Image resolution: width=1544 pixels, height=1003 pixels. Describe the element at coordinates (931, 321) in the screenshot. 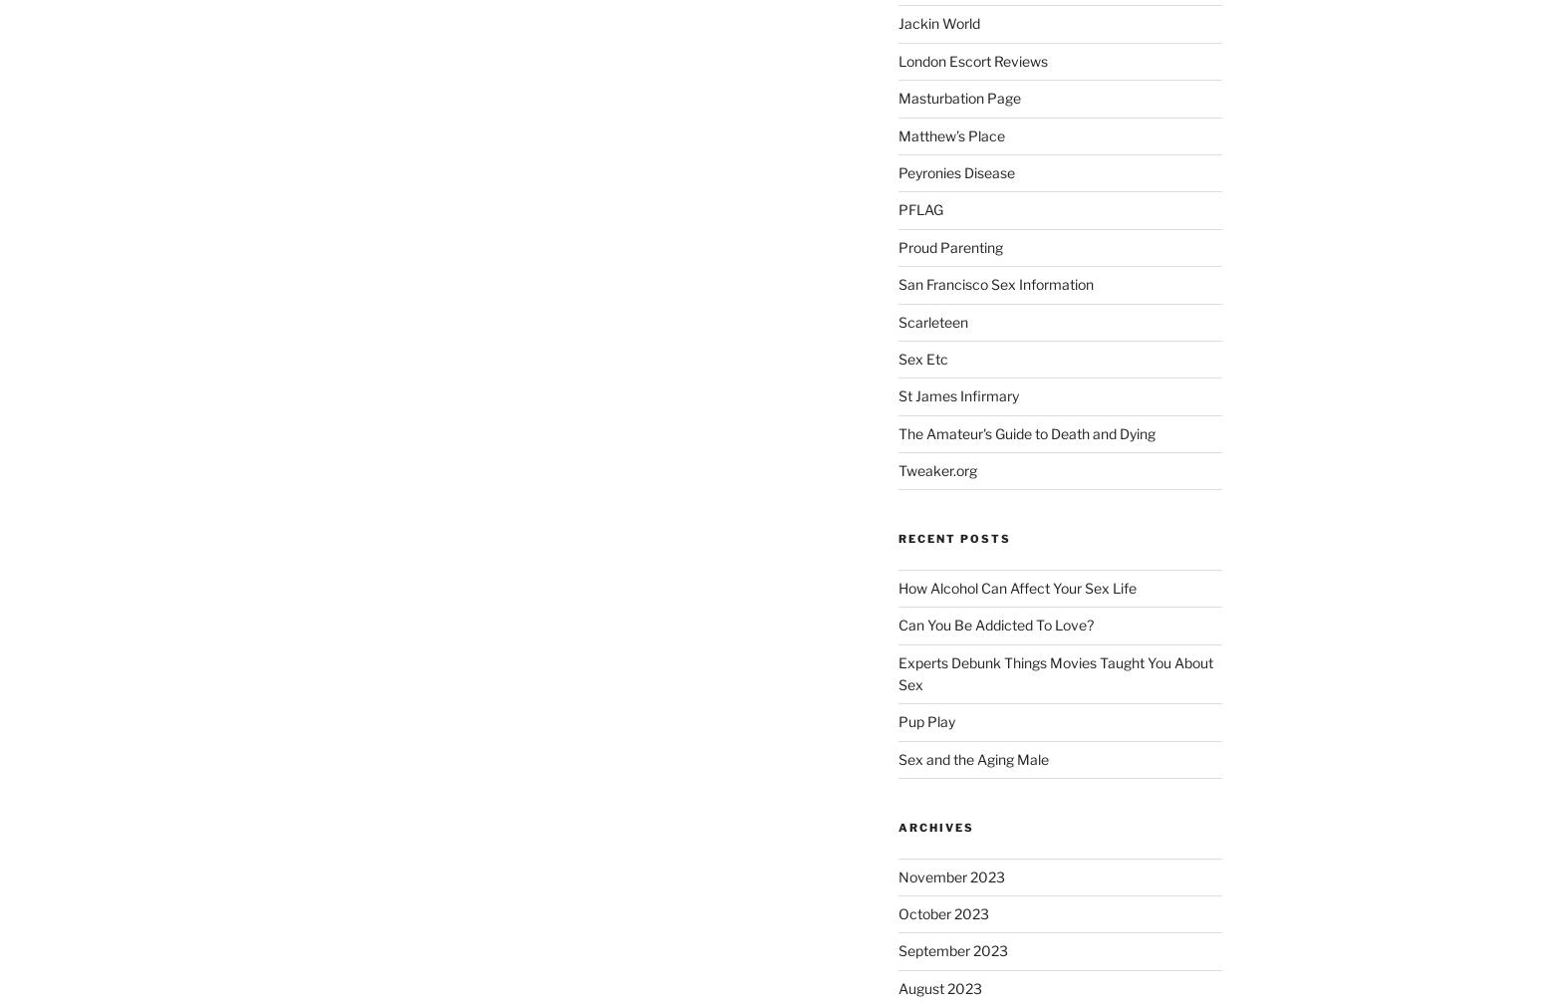

I see `'Scarleteen'` at that location.